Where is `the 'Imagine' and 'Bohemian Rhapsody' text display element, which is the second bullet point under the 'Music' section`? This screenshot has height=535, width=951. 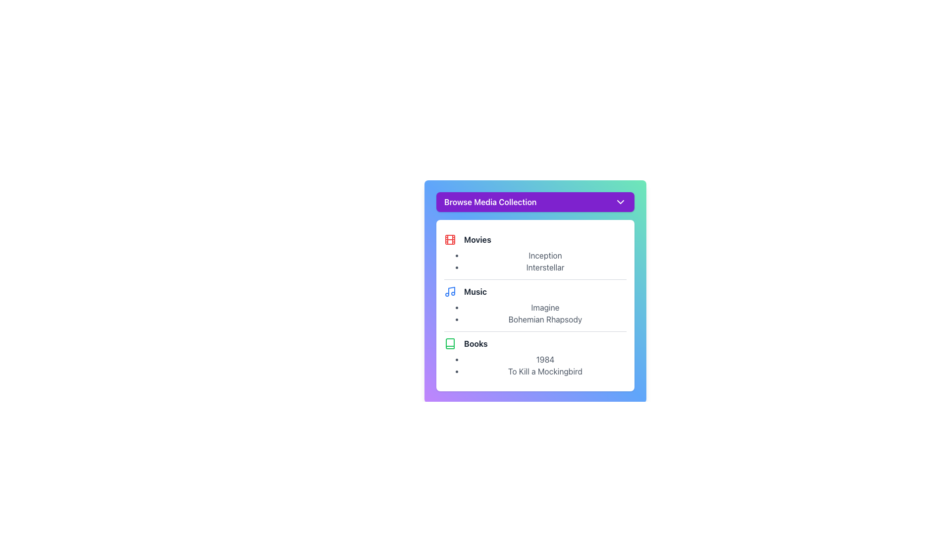
the 'Imagine' and 'Bohemian Rhapsody' text display element, which is the second bullet point under the 'Music' section is located at coordinates (544, 313).